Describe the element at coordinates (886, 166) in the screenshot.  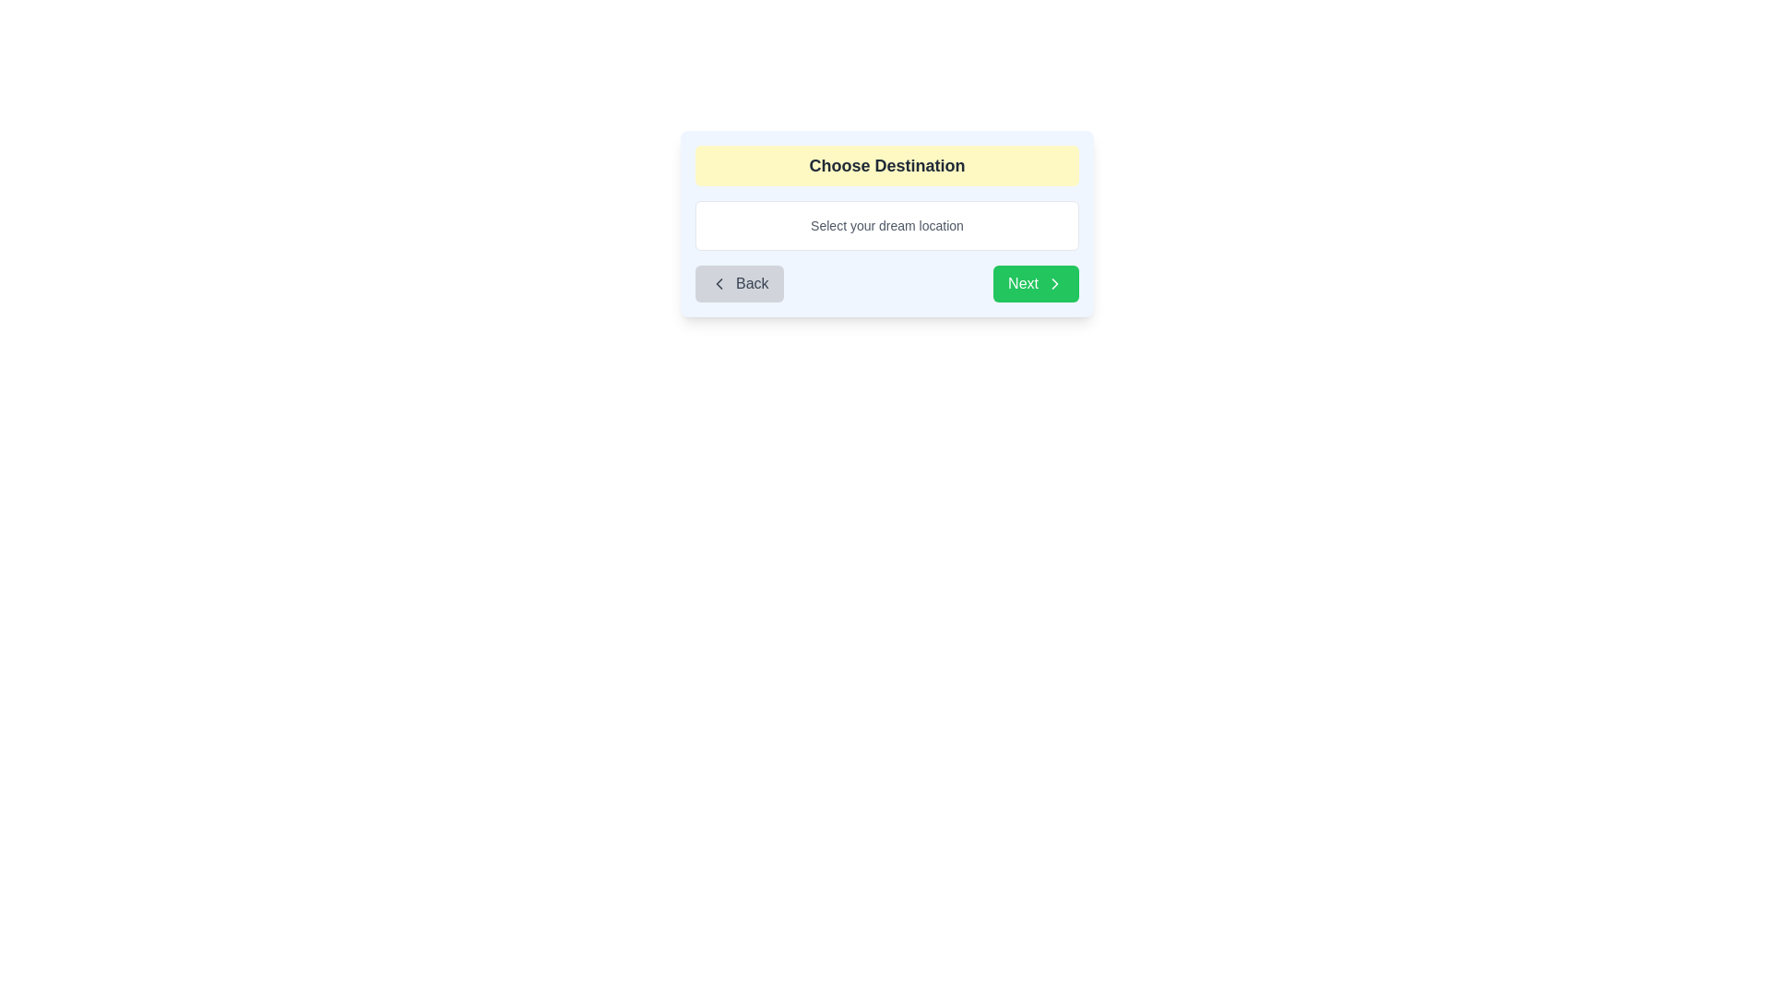
I see `informational heading located at the top of the yellow-highlighted section with rounded corners, which provides context or instructions about the next steps in the interface` at that location.